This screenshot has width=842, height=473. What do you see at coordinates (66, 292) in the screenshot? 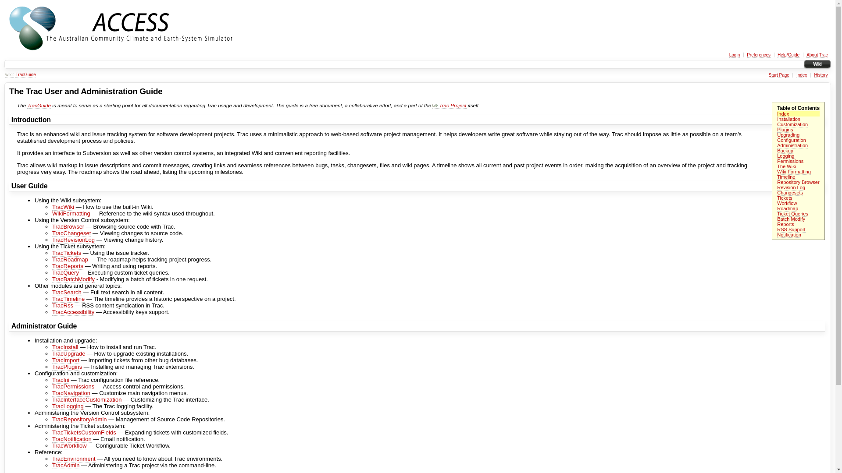
I see `'TracSearch'` at bounding box center [66, 292].